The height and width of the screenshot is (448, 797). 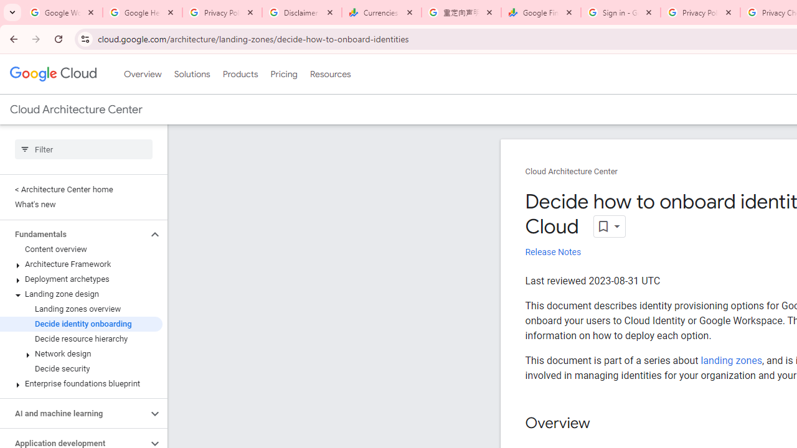 I want to click on 'What', so click(x=80, y=204).